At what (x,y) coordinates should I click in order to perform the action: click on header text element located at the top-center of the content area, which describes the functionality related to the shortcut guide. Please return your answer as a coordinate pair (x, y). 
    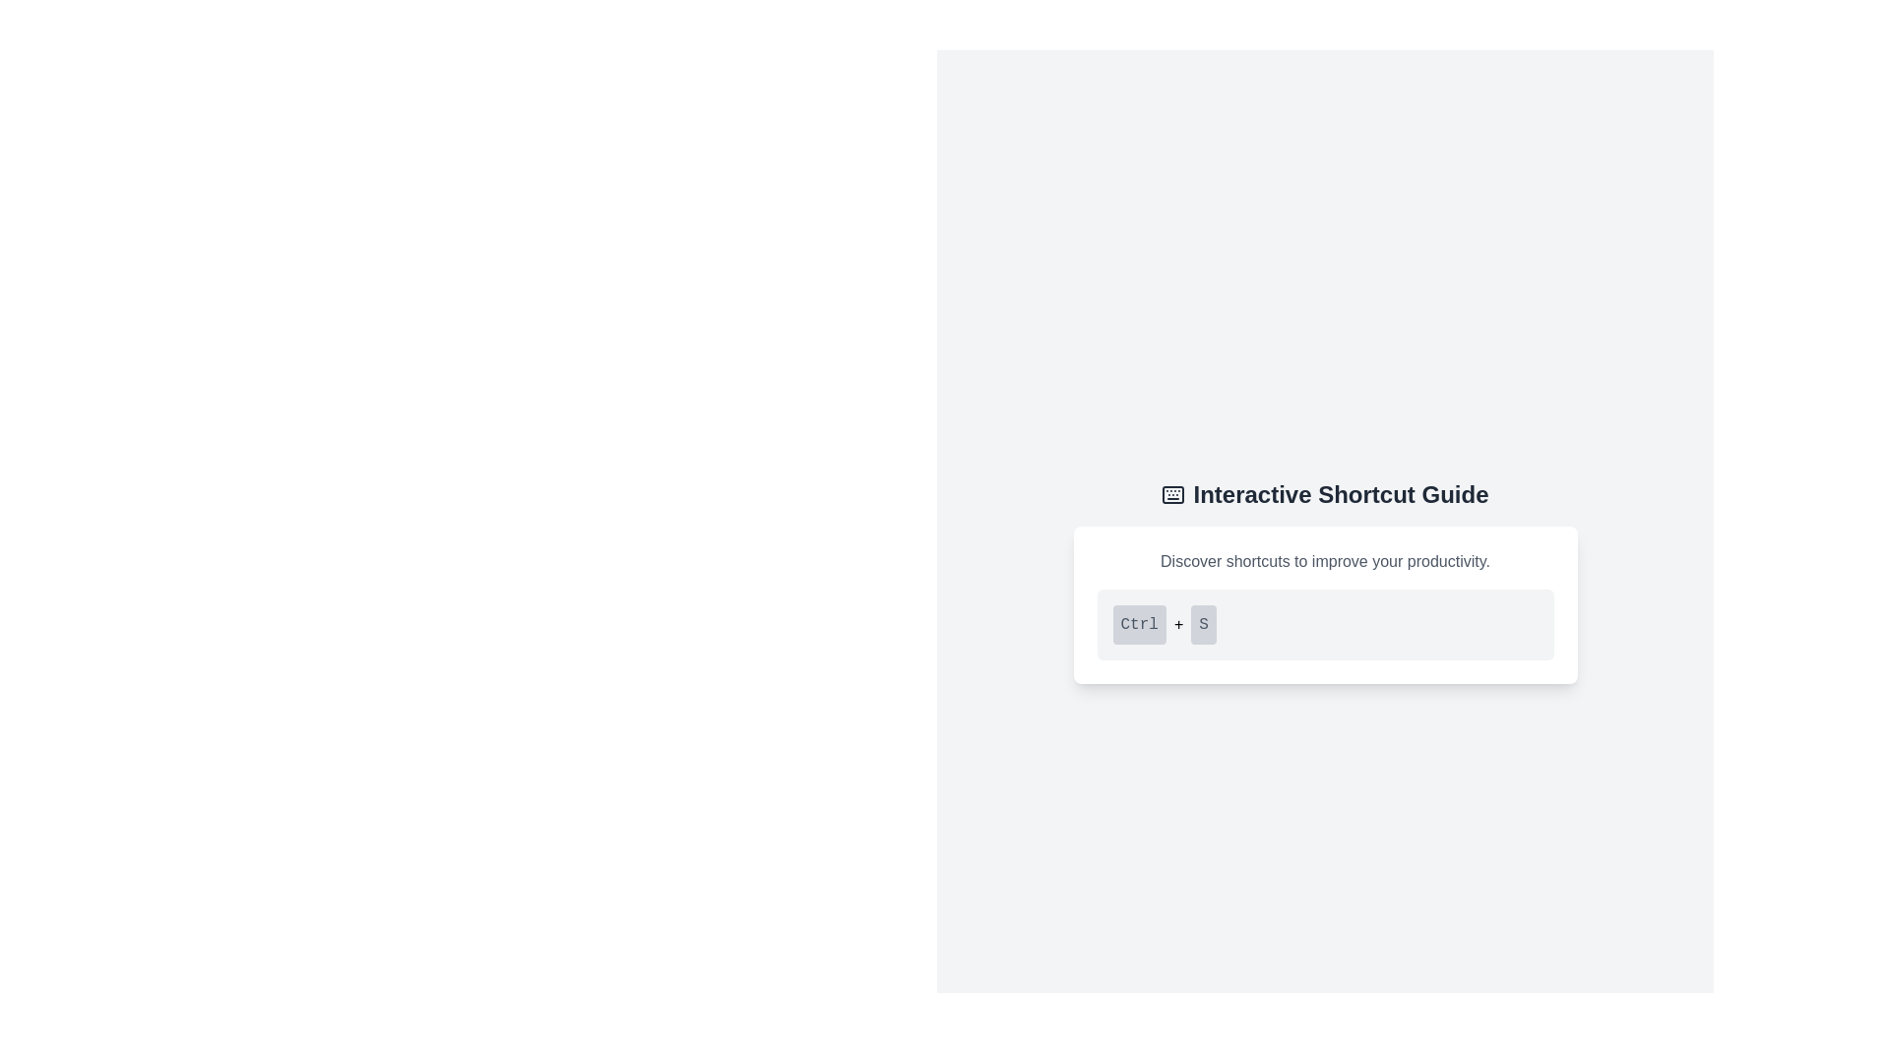
    Looking at the image, I should click on (1325, 493).